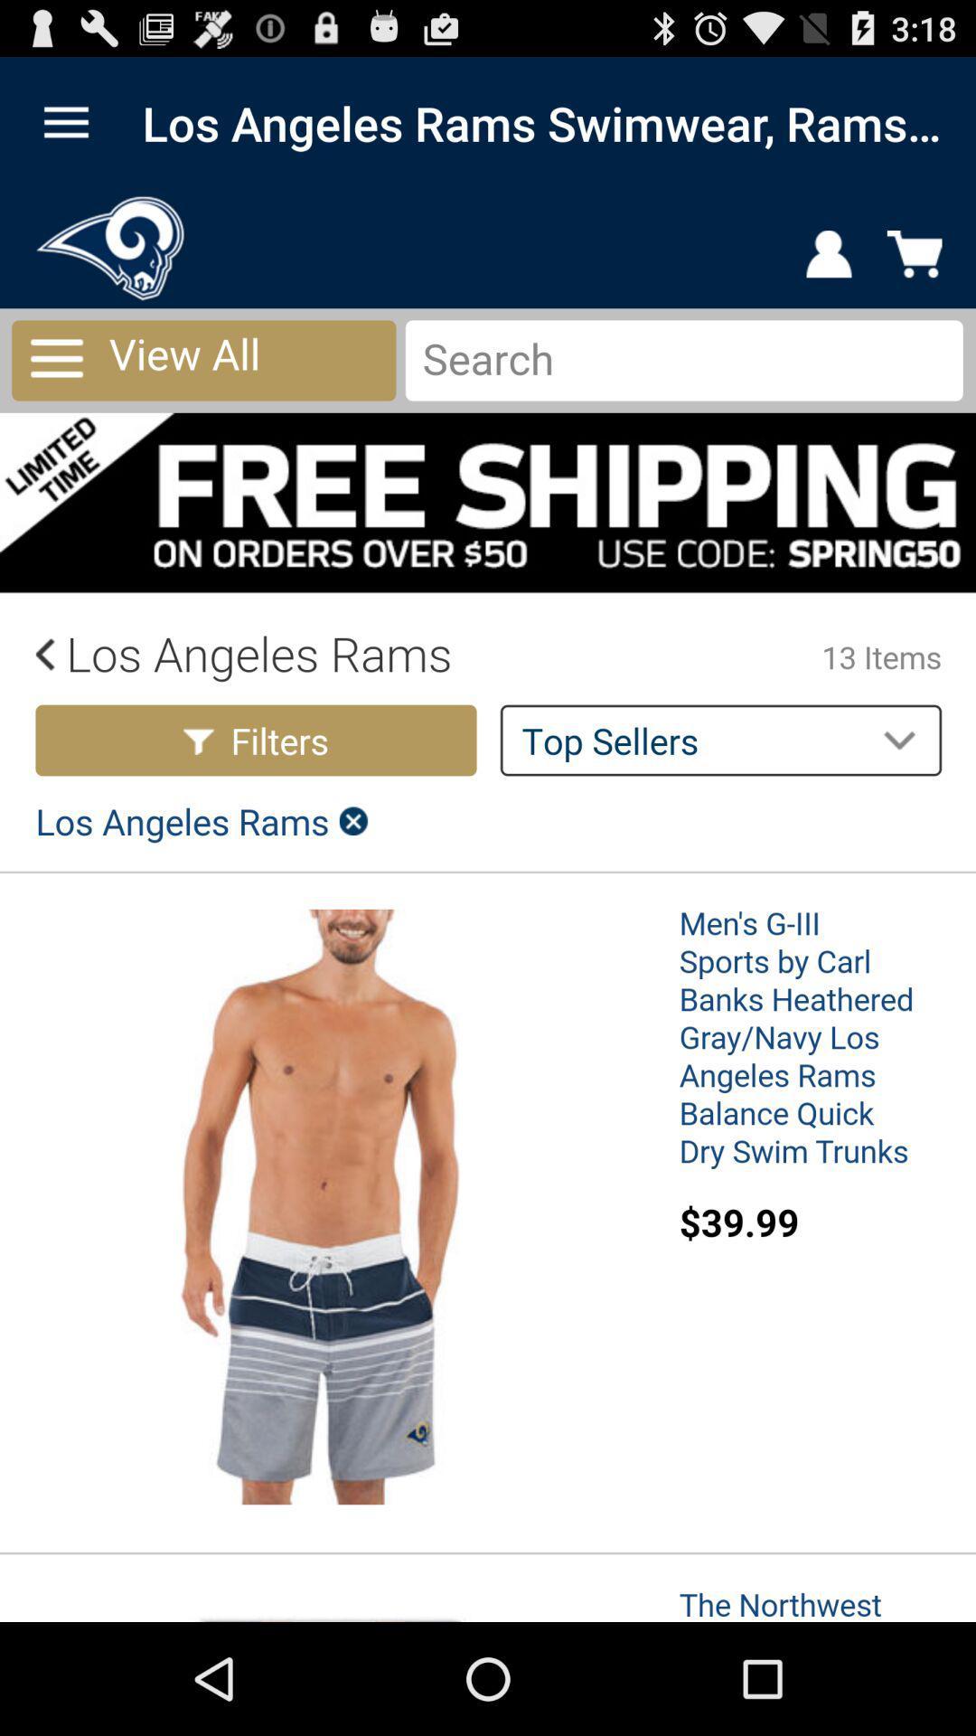 The image size is (976, 1736). Describe the element at coordinates (65, 122) in the screenshot. I see `option button` at that location.